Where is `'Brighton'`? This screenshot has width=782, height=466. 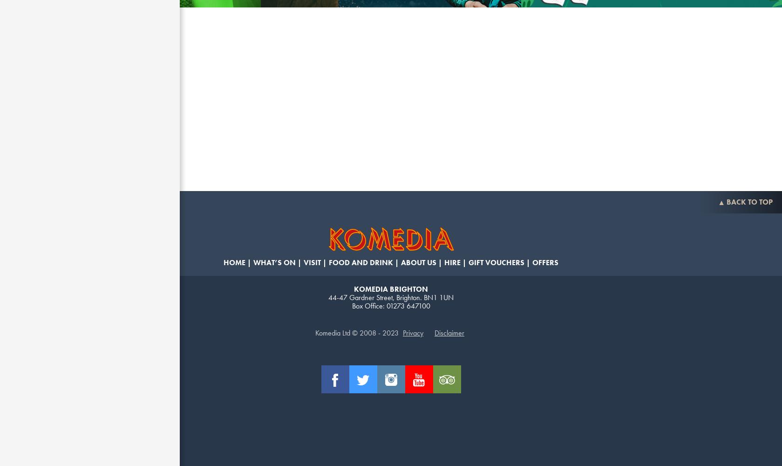 'Brighton' is located at coordinates (408, 297).